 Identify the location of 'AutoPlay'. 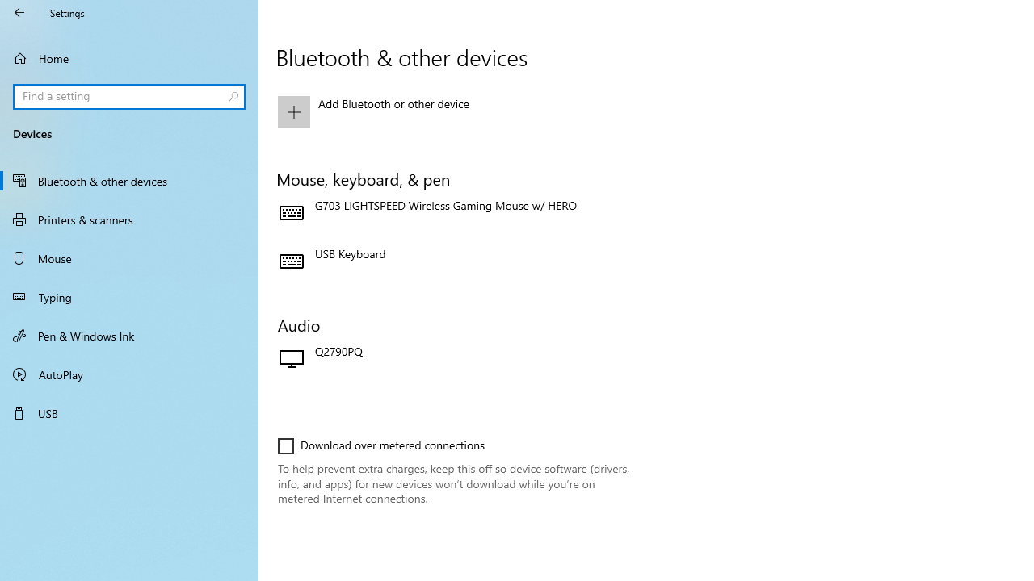
(129, 374).